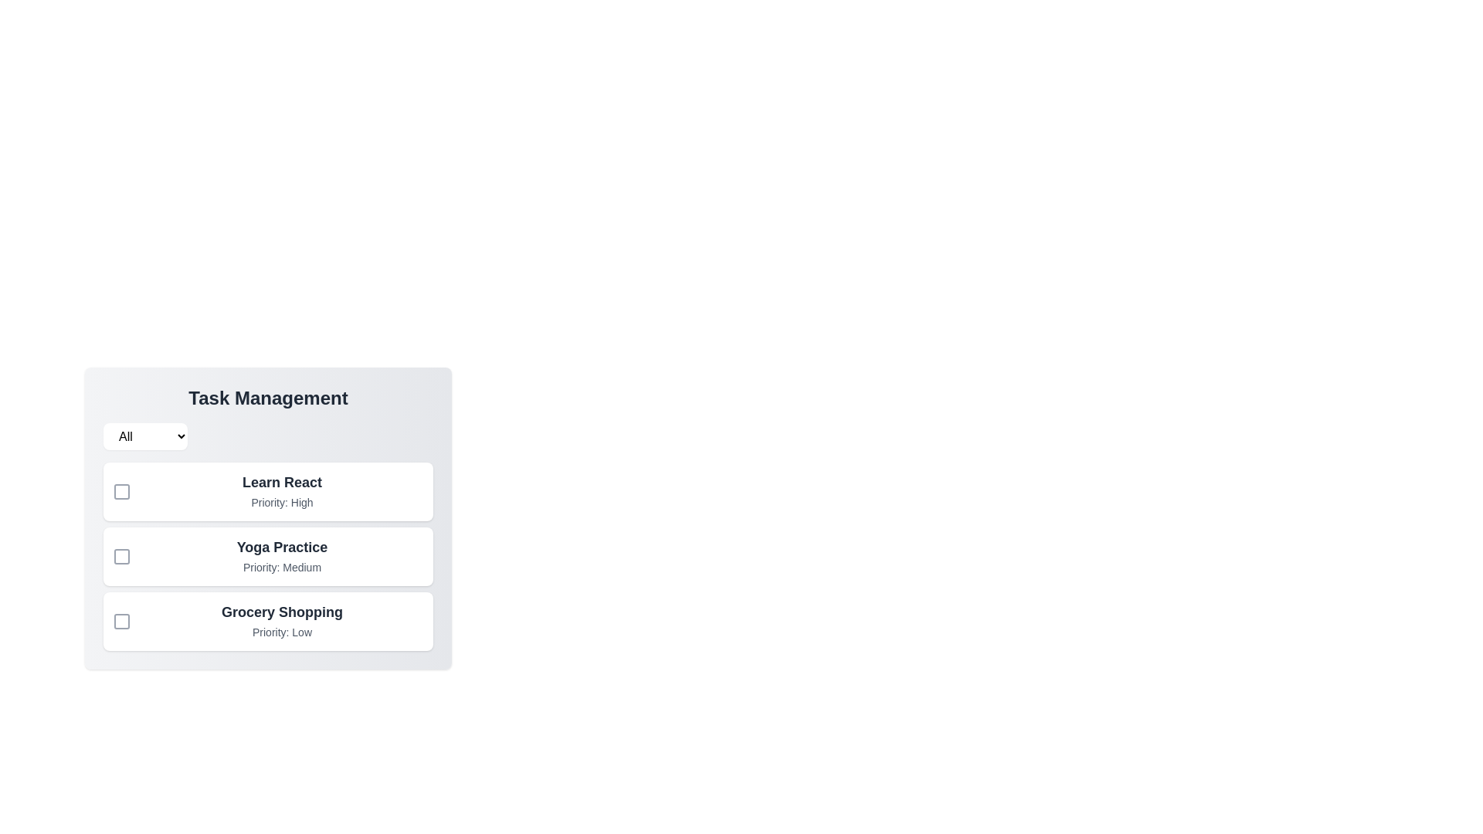 Image resolution: width=1483 pixels, height=834 pixels. Describe the element at coordinates (145, 436) in the screenshot. I see `the priority filter to Low from the dropdown menu` at that location.